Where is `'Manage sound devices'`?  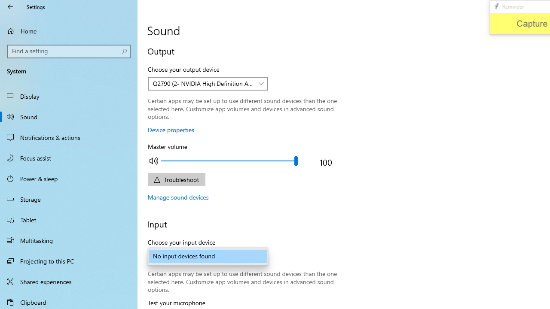
'Manage sound devices' is located at coordinates (178, 197).